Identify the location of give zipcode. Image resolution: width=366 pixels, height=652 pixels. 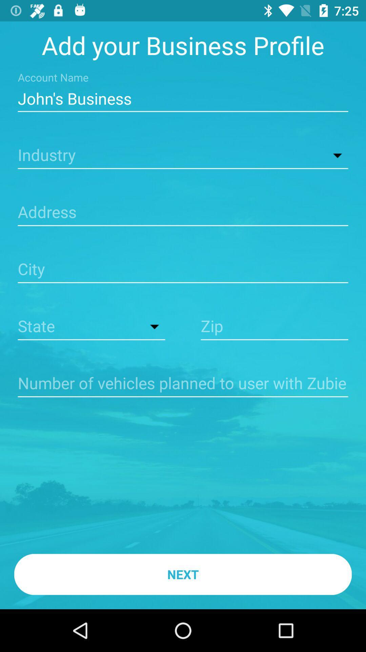
(274, 327).